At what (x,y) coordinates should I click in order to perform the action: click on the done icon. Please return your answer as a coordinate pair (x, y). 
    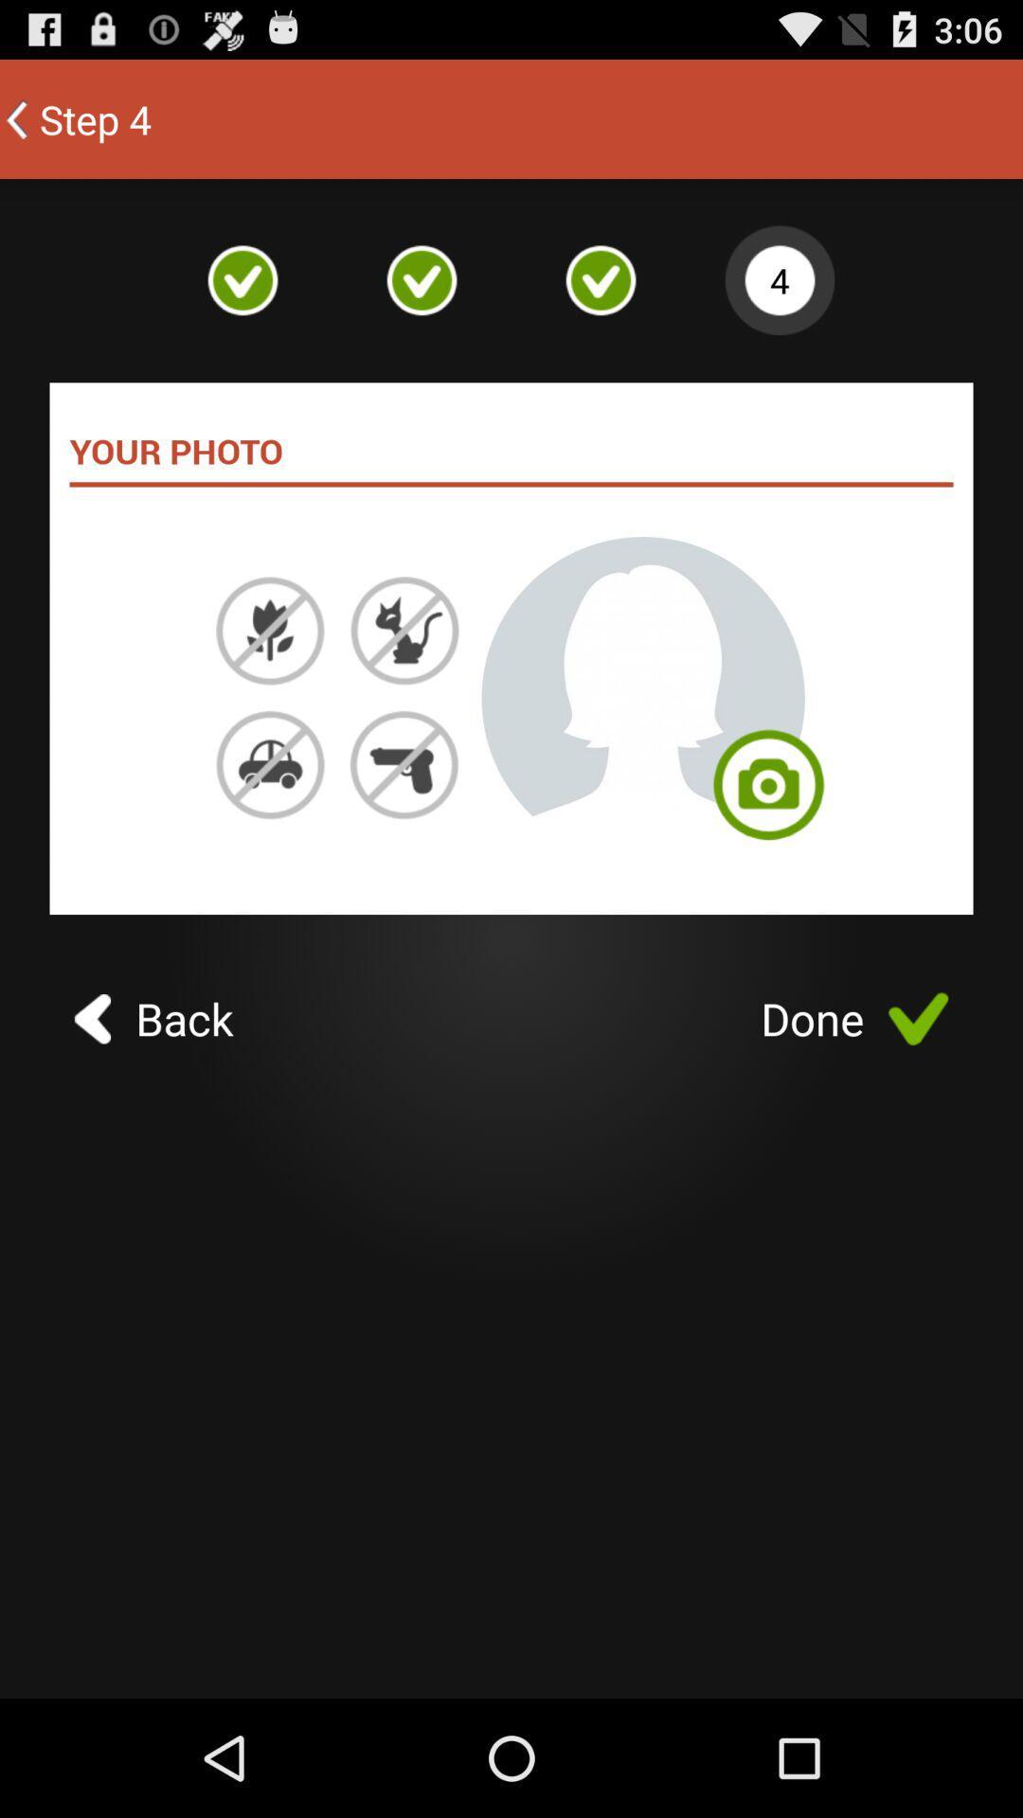
    Looking at the image, I should click on (854, 1018).